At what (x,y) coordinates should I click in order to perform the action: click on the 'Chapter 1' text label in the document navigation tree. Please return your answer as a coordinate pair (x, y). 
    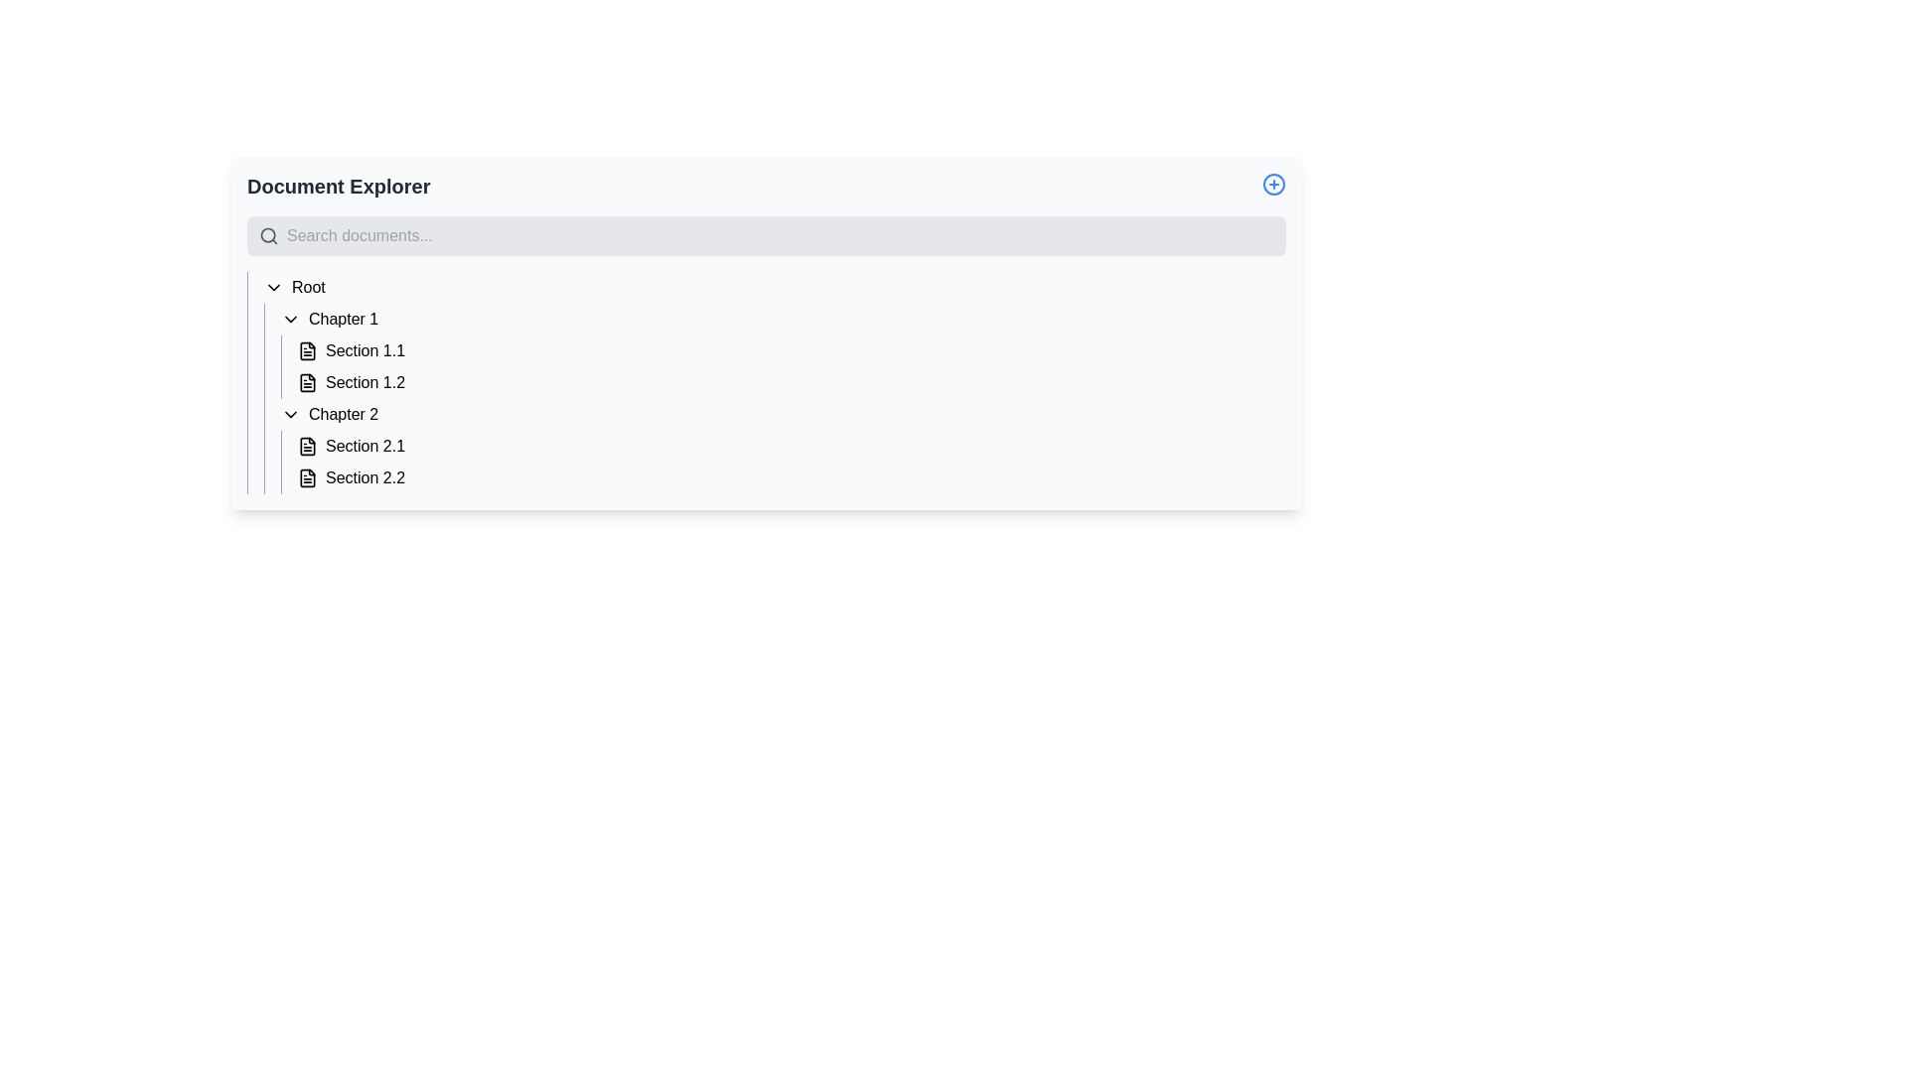
    Looking at the image, I should click on (343, 318).